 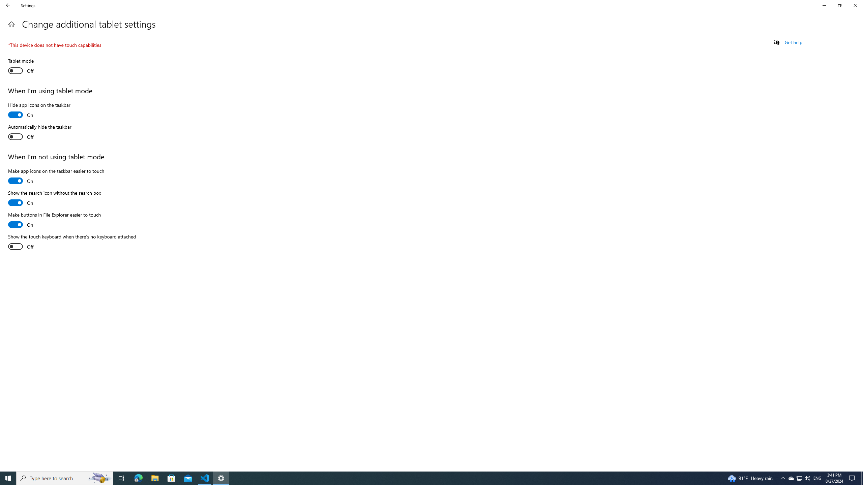 I want to click on 'Close Settings', so click(x=855, y=5).